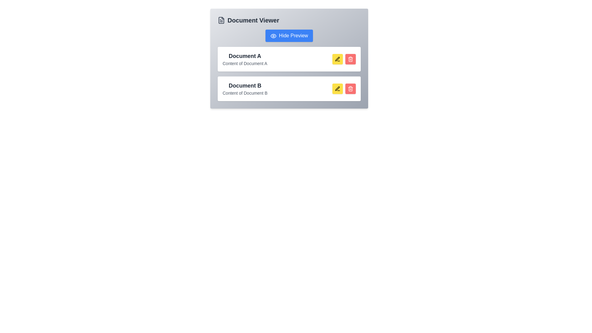 Image resolution: width=592 pixels, height=333 pixels. Describe the element at coordinates (273, 36) in the screenshot. I see `the visual style of the icon within the 'Hide Preview' button, which serves as a toggle for the content preview visibility` at that location.